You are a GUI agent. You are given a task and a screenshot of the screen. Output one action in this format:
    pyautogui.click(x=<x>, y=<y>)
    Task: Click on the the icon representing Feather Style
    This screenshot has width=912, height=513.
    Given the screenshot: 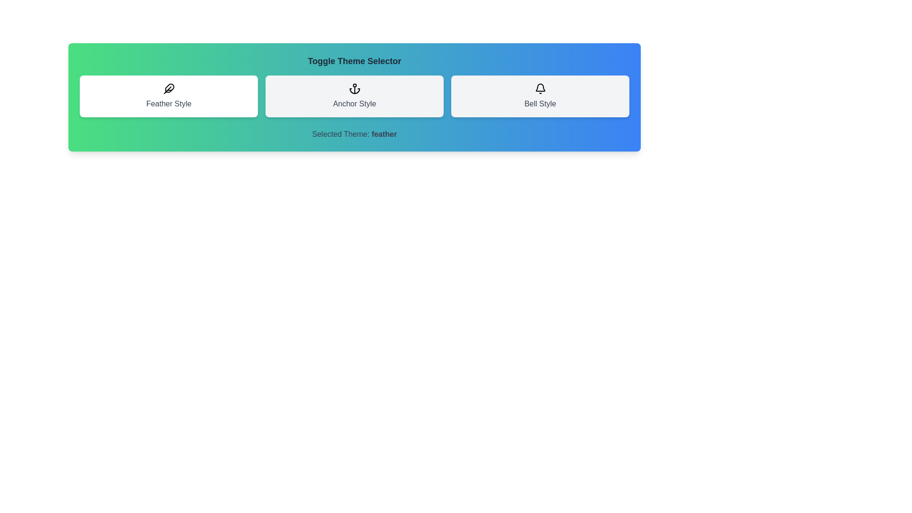 What is the action you would take?
    pyautogui.click(x=169, y=96)
    